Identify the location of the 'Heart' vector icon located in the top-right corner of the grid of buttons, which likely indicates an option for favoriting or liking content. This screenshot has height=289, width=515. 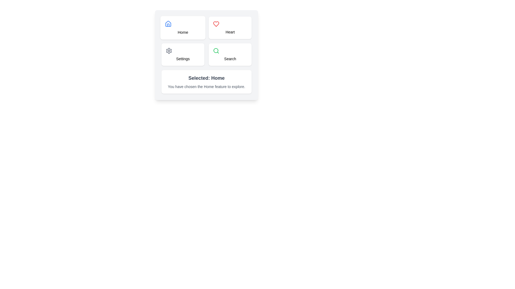
(216, 24).